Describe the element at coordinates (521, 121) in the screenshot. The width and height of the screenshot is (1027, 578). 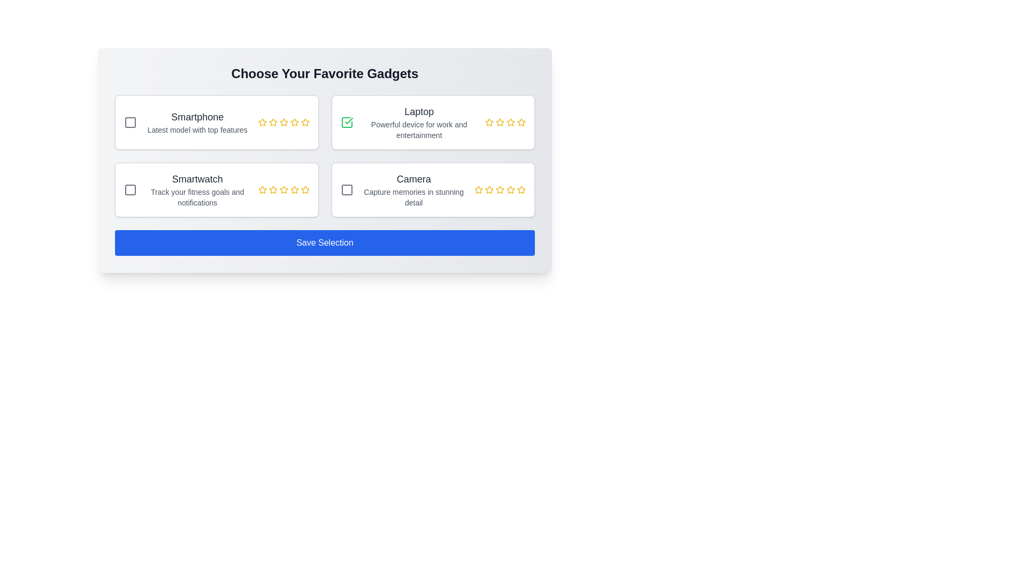
I see `the fourth star icon in the five-star rating system located beneath the 'Laptop' label` at that location.